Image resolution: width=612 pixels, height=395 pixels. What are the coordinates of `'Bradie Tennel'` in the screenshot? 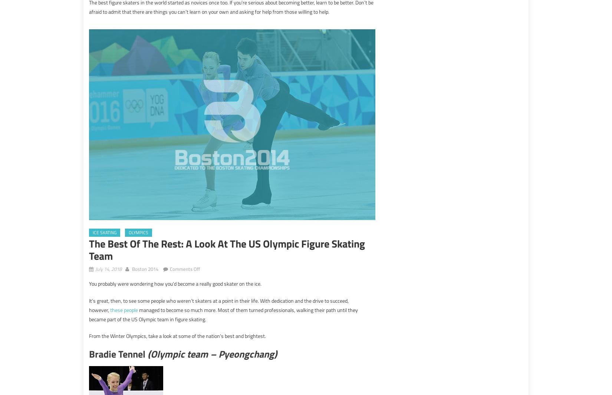 It's located at (118, 354).